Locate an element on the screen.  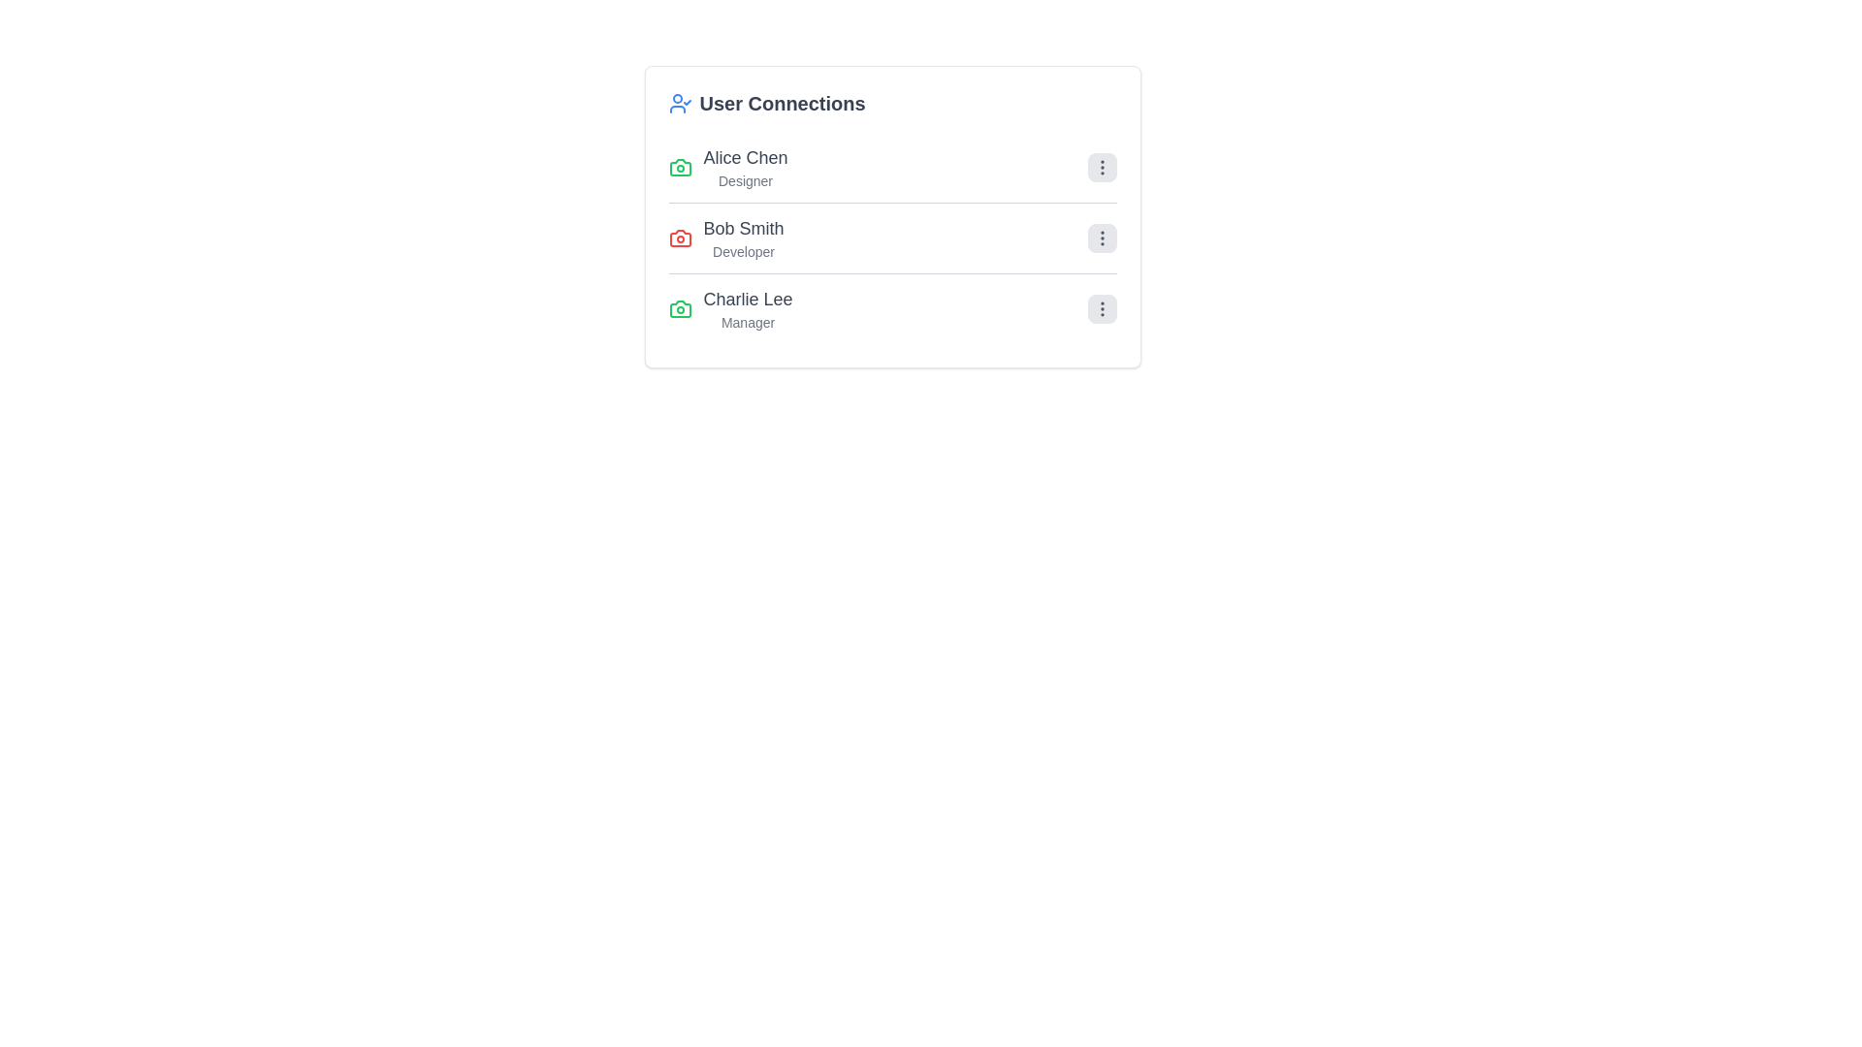
the vertical ellipsis icon located to the far right of the row for 'Bob Smith, Developer' in the 'User Connections' interface is located at coordinates (1102, 238).